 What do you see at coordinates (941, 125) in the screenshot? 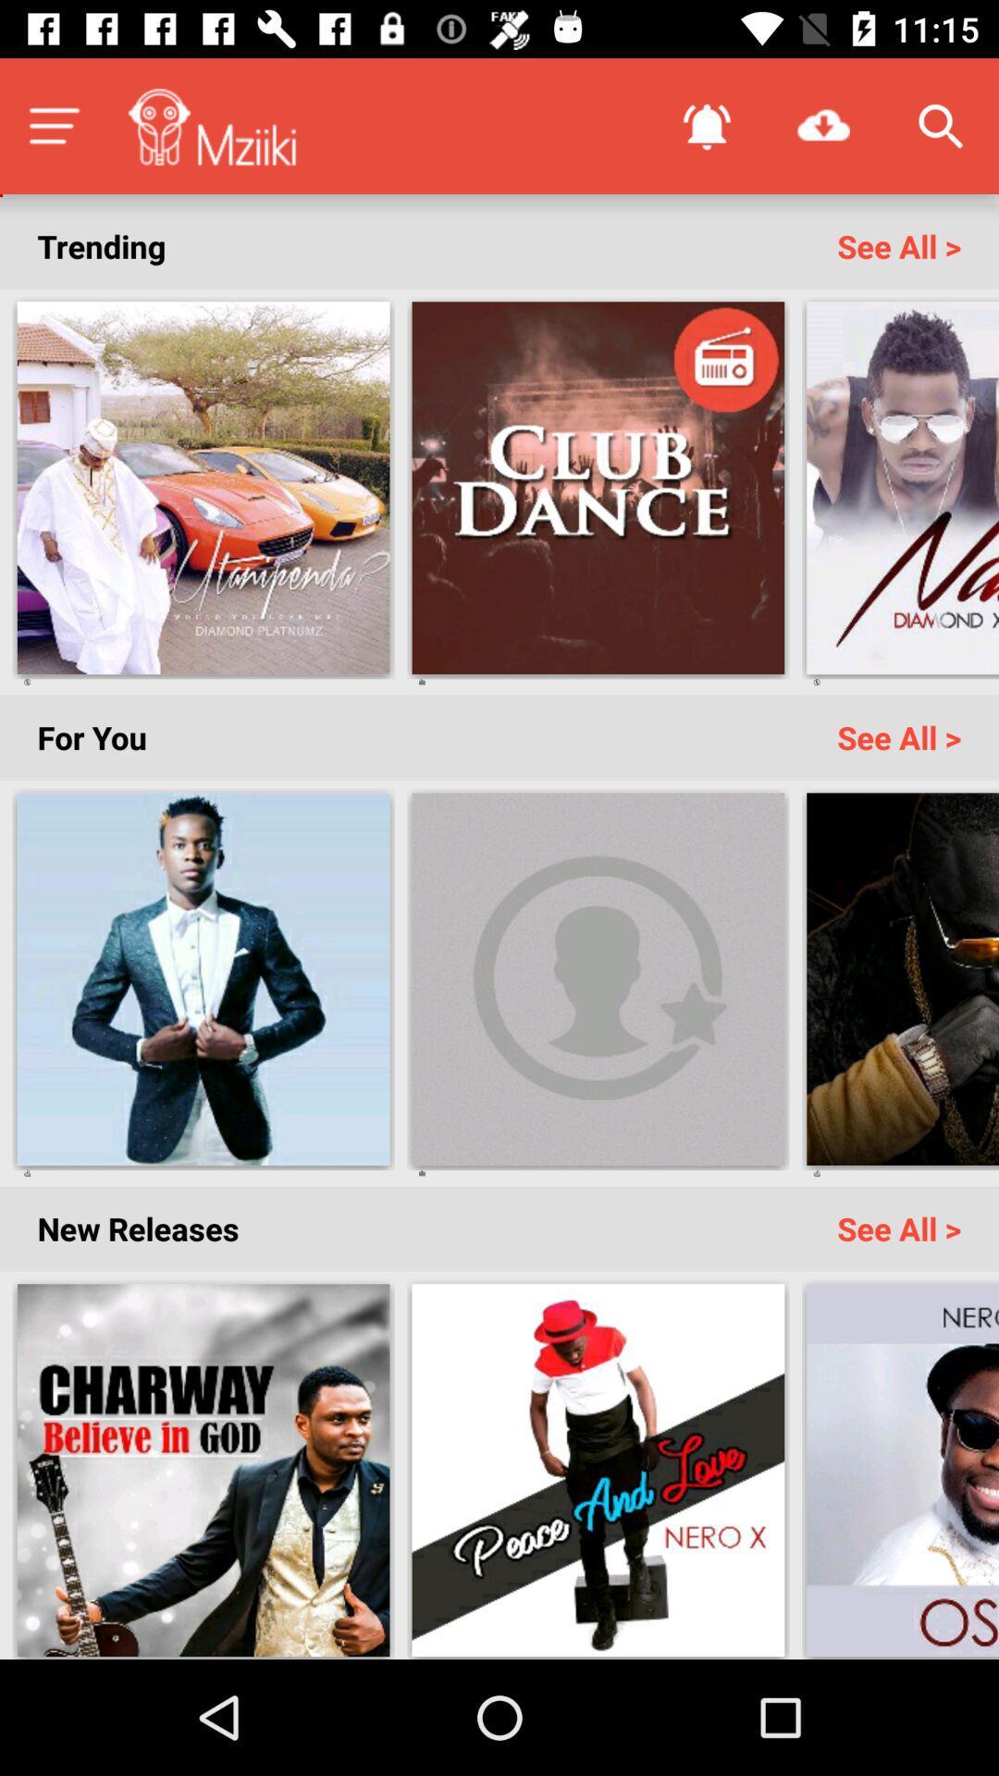
I see `the icon above the see all > icon` at bounding box center [941, 125].